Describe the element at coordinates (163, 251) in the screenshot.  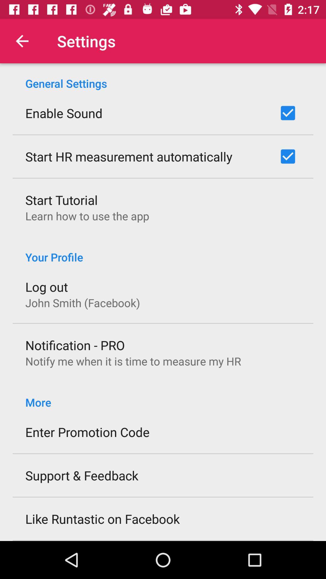
I see `your profile icon` at that location.